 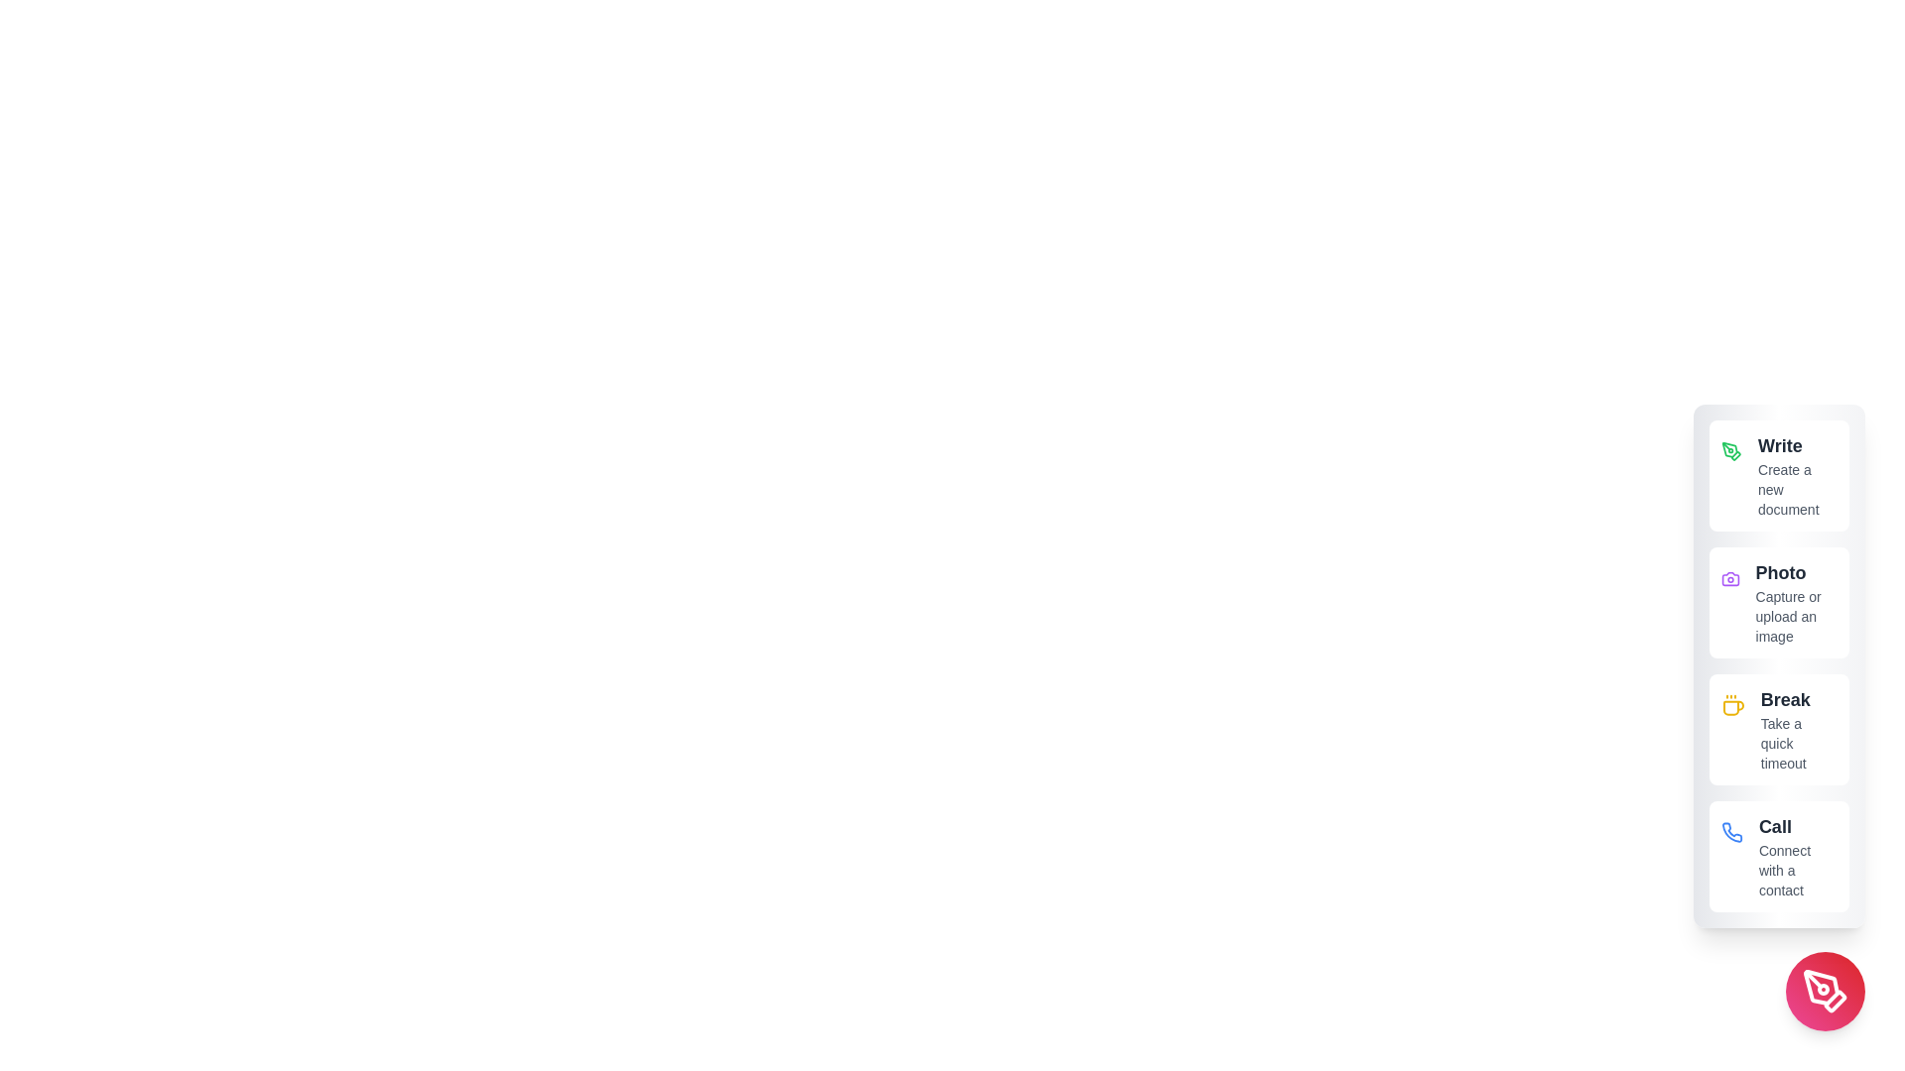 I want to click on the 'Photo' option to capture or upload an image, so click(x=1779, y=602).